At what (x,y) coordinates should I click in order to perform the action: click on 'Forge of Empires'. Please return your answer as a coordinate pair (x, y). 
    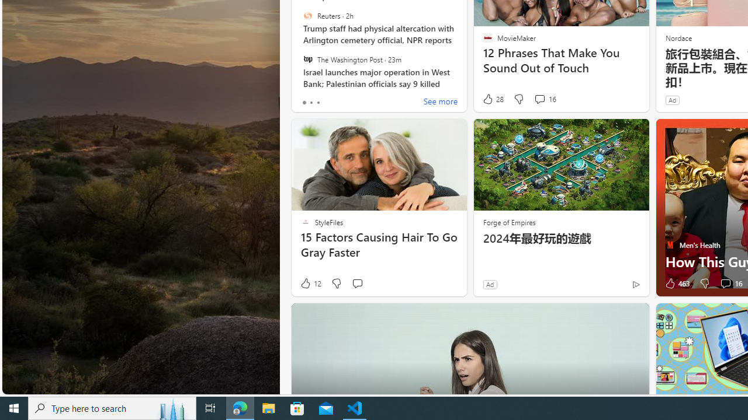
    Looking at the image, I should click on (509, 222).